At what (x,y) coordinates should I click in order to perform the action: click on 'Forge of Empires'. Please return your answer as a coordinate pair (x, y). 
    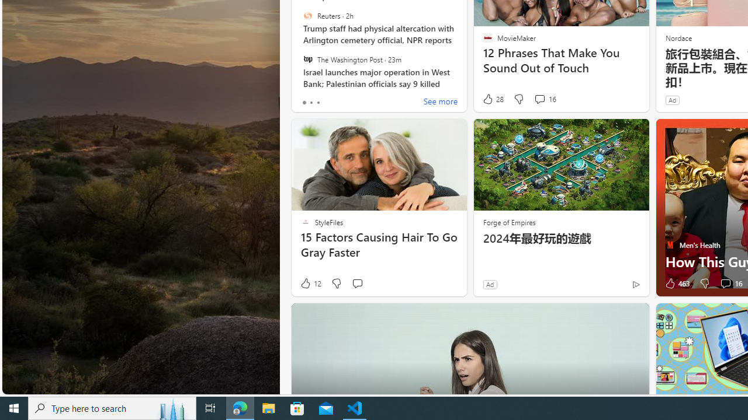
    Looking at the image, I should click on (509, 222).